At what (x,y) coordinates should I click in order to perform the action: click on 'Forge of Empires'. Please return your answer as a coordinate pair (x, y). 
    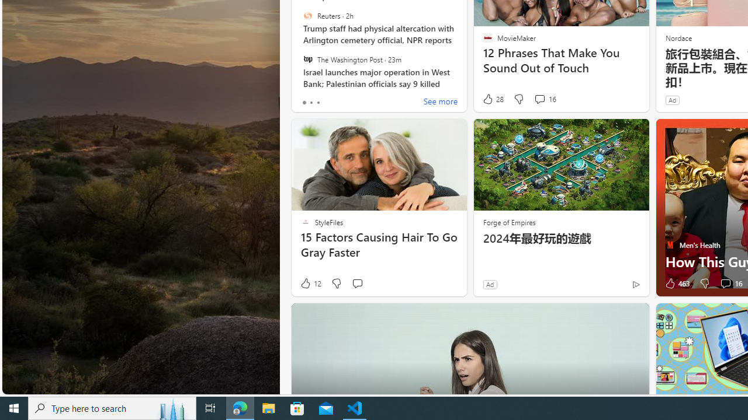
    Looking at the image, I should click on (509, 222).